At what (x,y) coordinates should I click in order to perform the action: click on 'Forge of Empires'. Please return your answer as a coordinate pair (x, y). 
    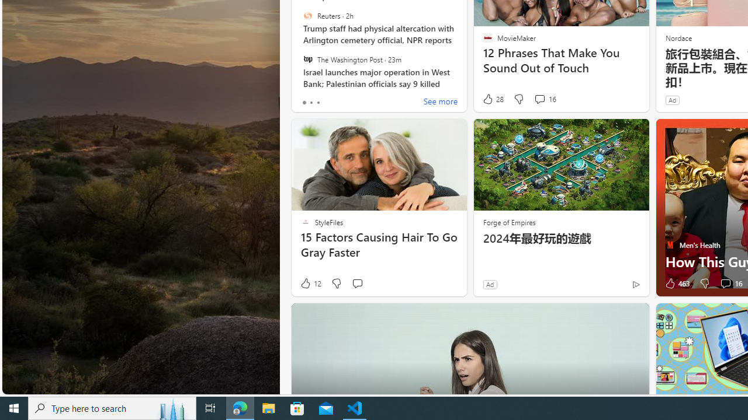
    Looking at the image, I should click on (509, 222).